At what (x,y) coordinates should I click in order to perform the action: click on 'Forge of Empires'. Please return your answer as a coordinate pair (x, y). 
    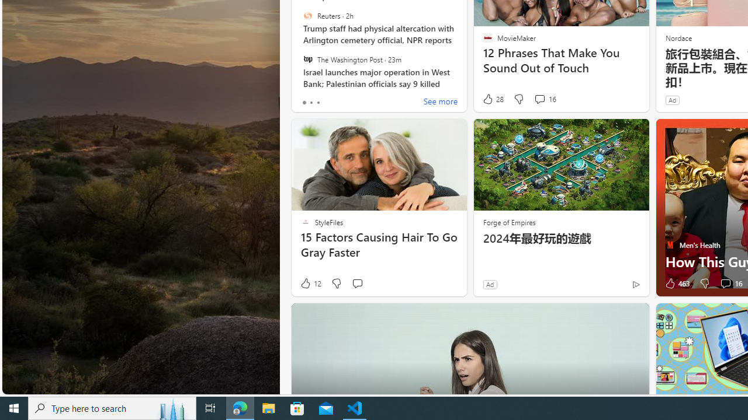
    Looking at the image, I should click on (509, 222).